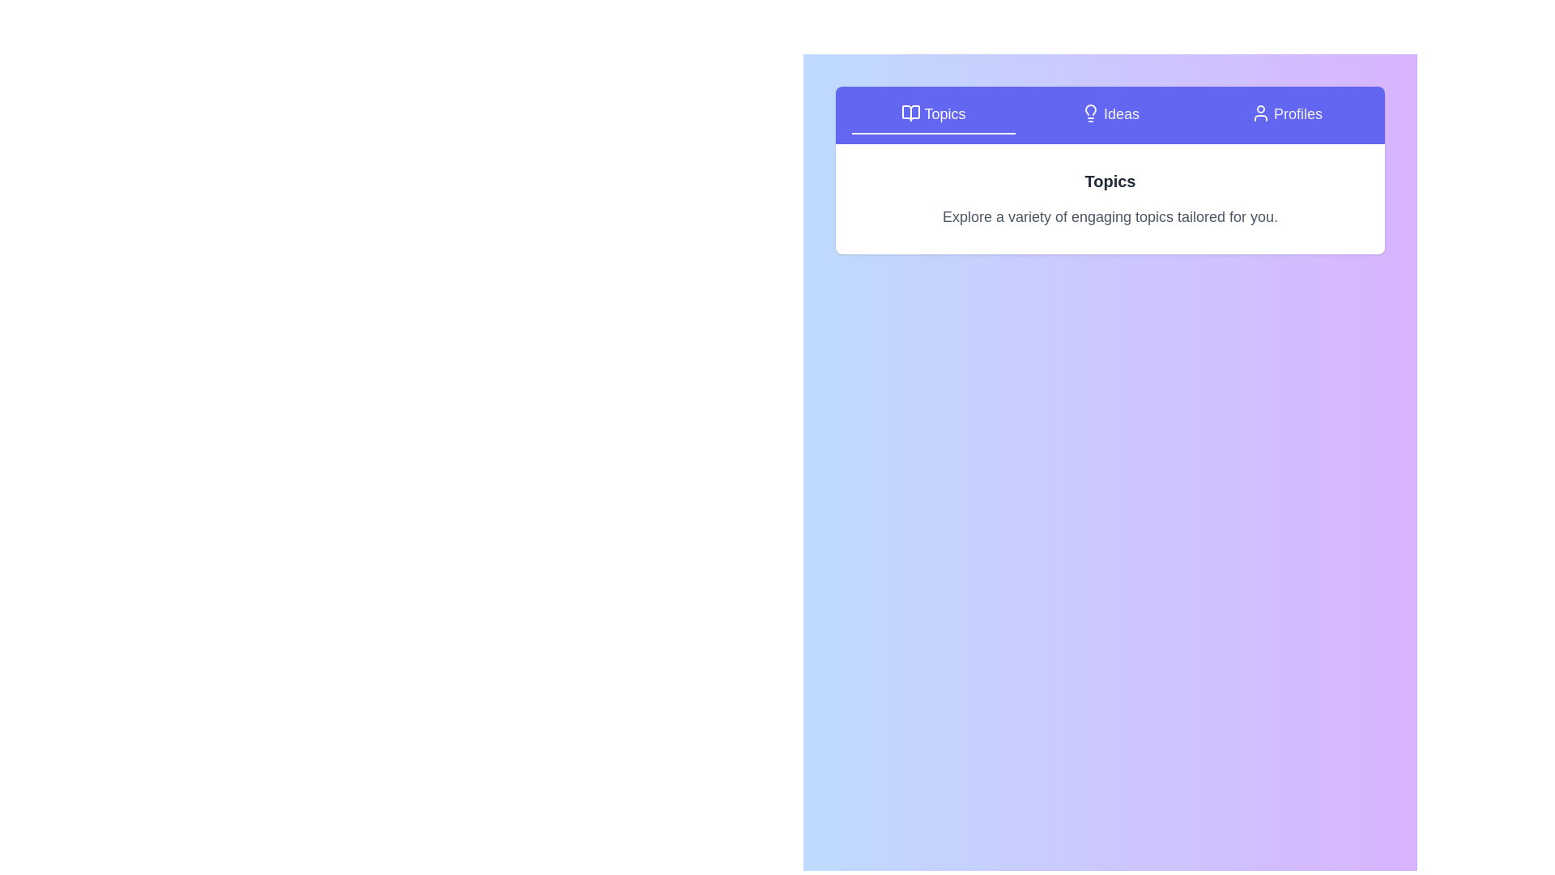  What do you see at coordinates (933, 114) in the screenshot?
I see `the Topics tab to inspect its content` at bounding box center [933, 114].